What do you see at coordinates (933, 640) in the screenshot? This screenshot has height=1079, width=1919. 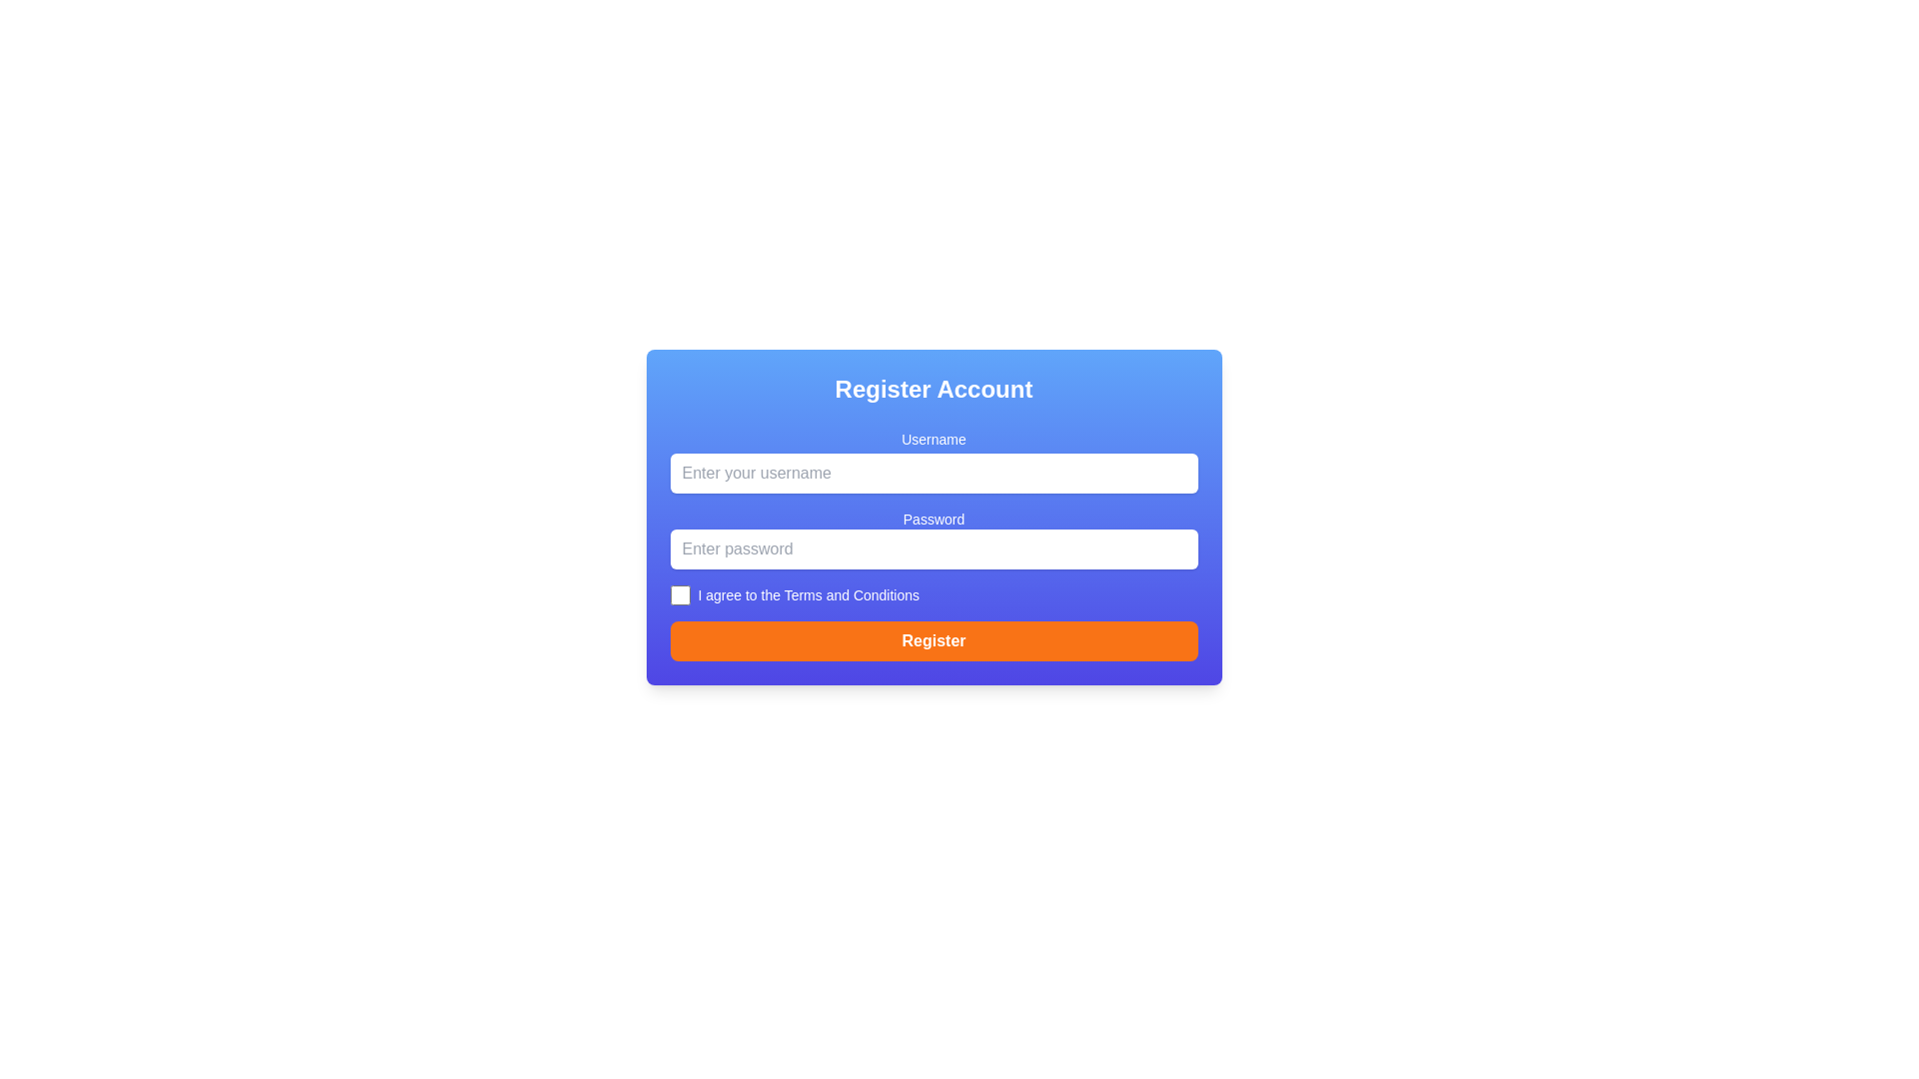 I see `the submit button located at the bottom of the registration form` at bounding box center [933, 640].